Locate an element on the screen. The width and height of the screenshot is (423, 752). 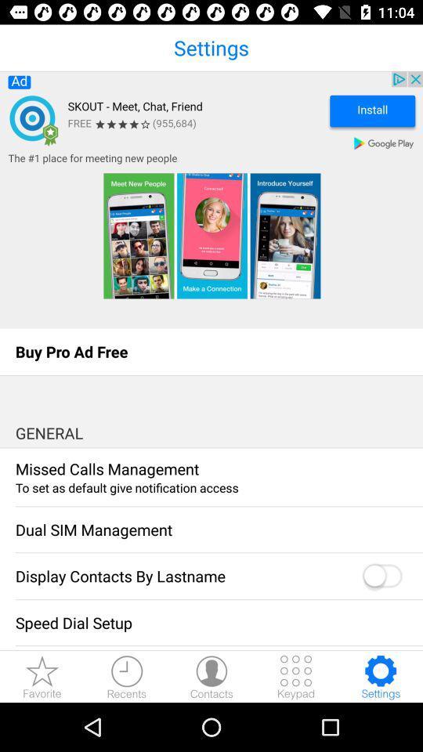
advertisement to install skout app is located at coordinates (211, 199).